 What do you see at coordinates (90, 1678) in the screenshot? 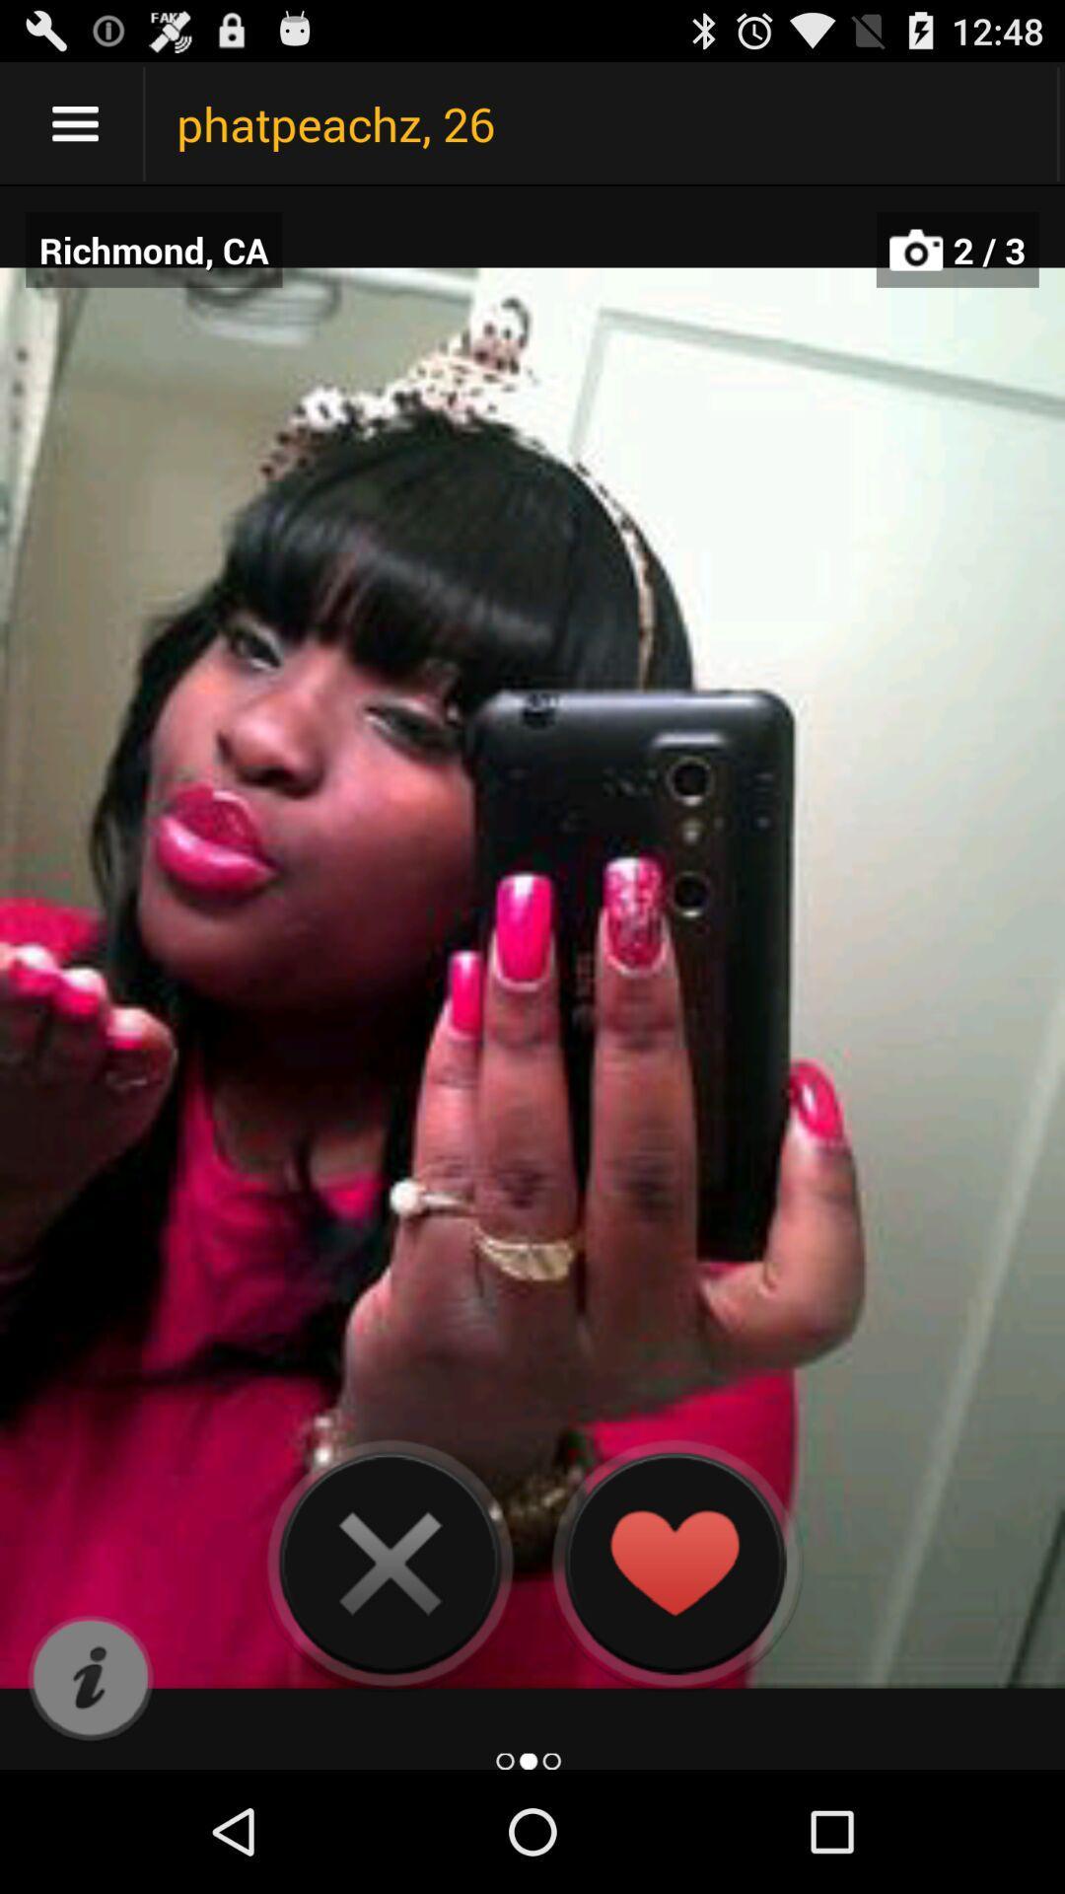
I see `show info` at bounding box center [90, 1678].